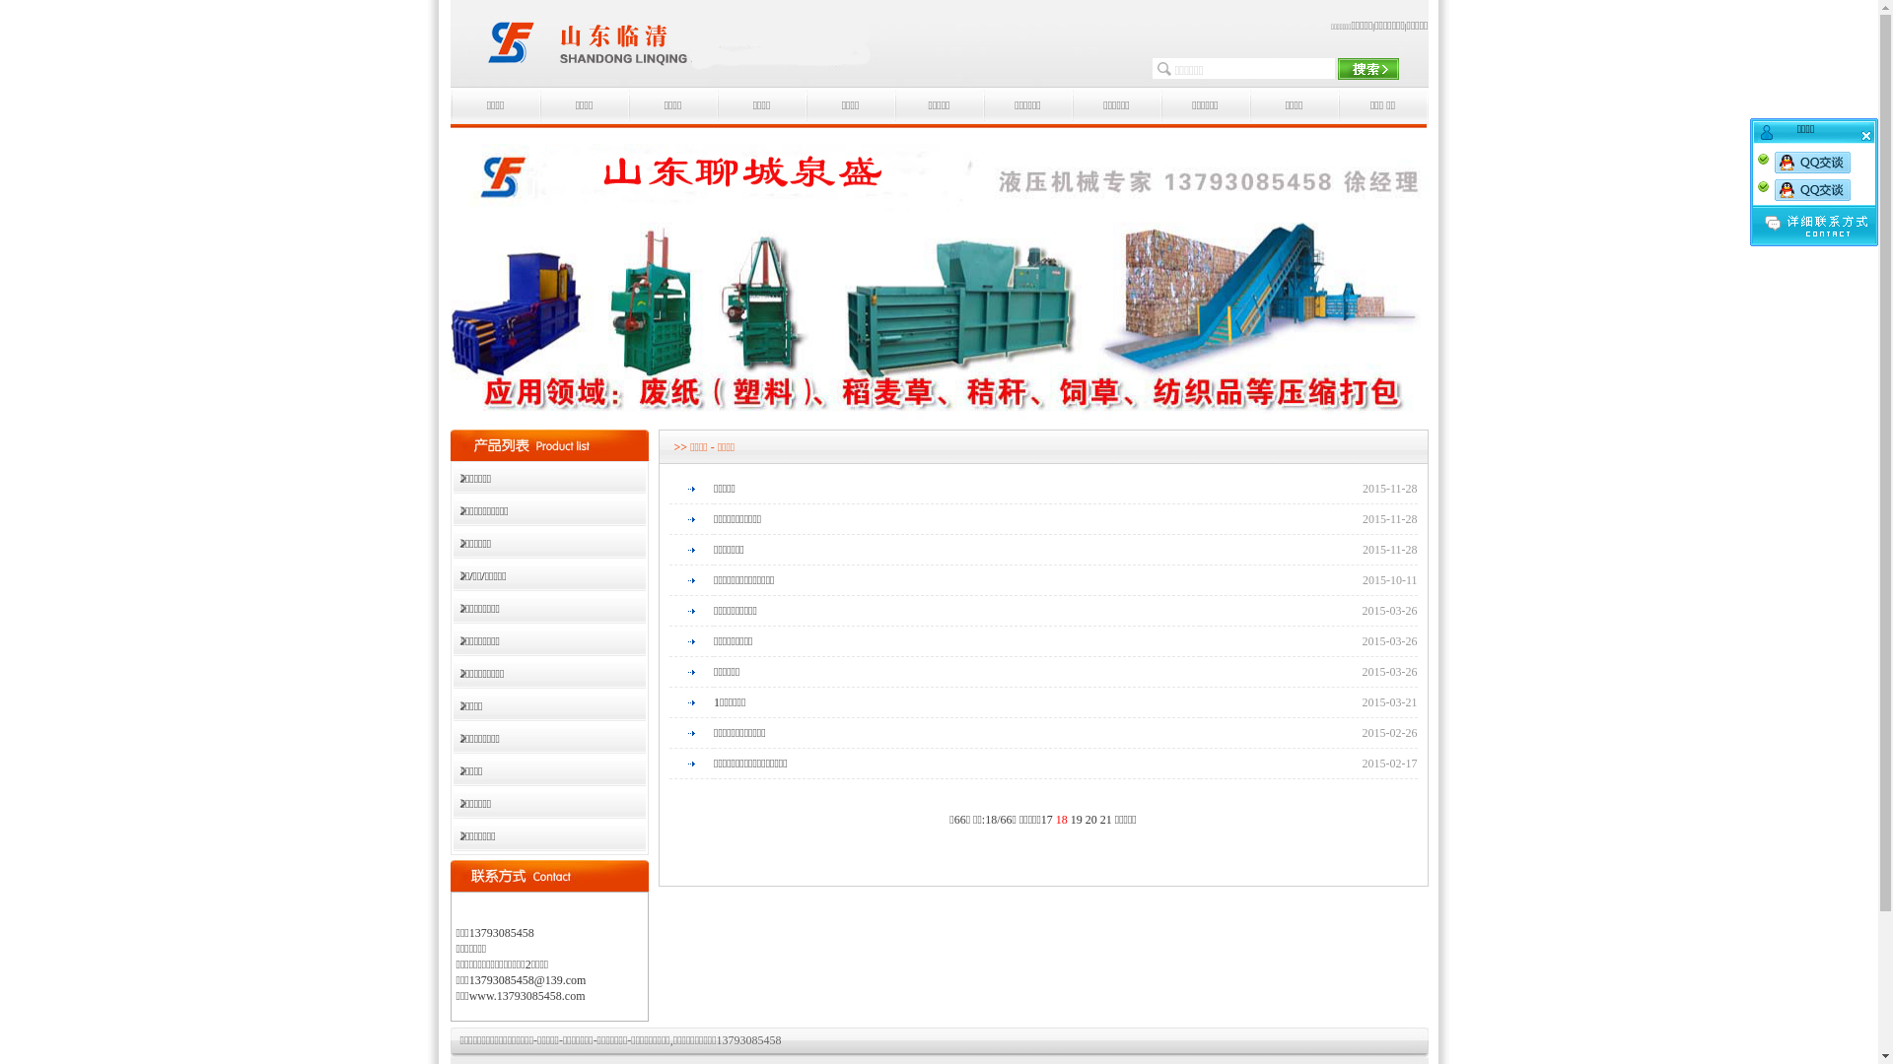 This screenshot has height=1064, width=1893. What do you see at coordinates (1084, 820) in the screenshot?
I see `'20'` at bounding box center [1084, 820].